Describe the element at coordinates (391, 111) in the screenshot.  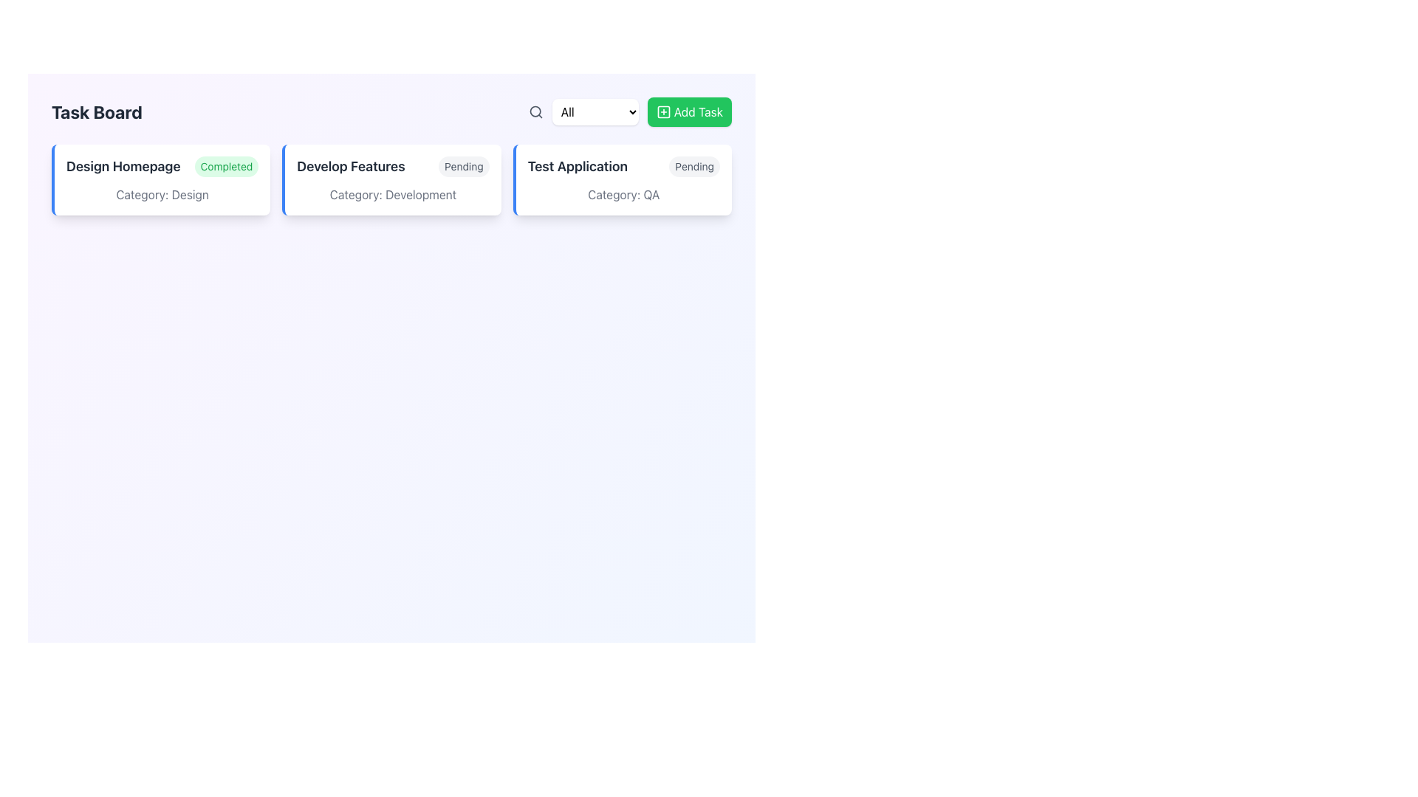
I see `the dropdown menu in the 'Task Board' Toolbar` at that location.